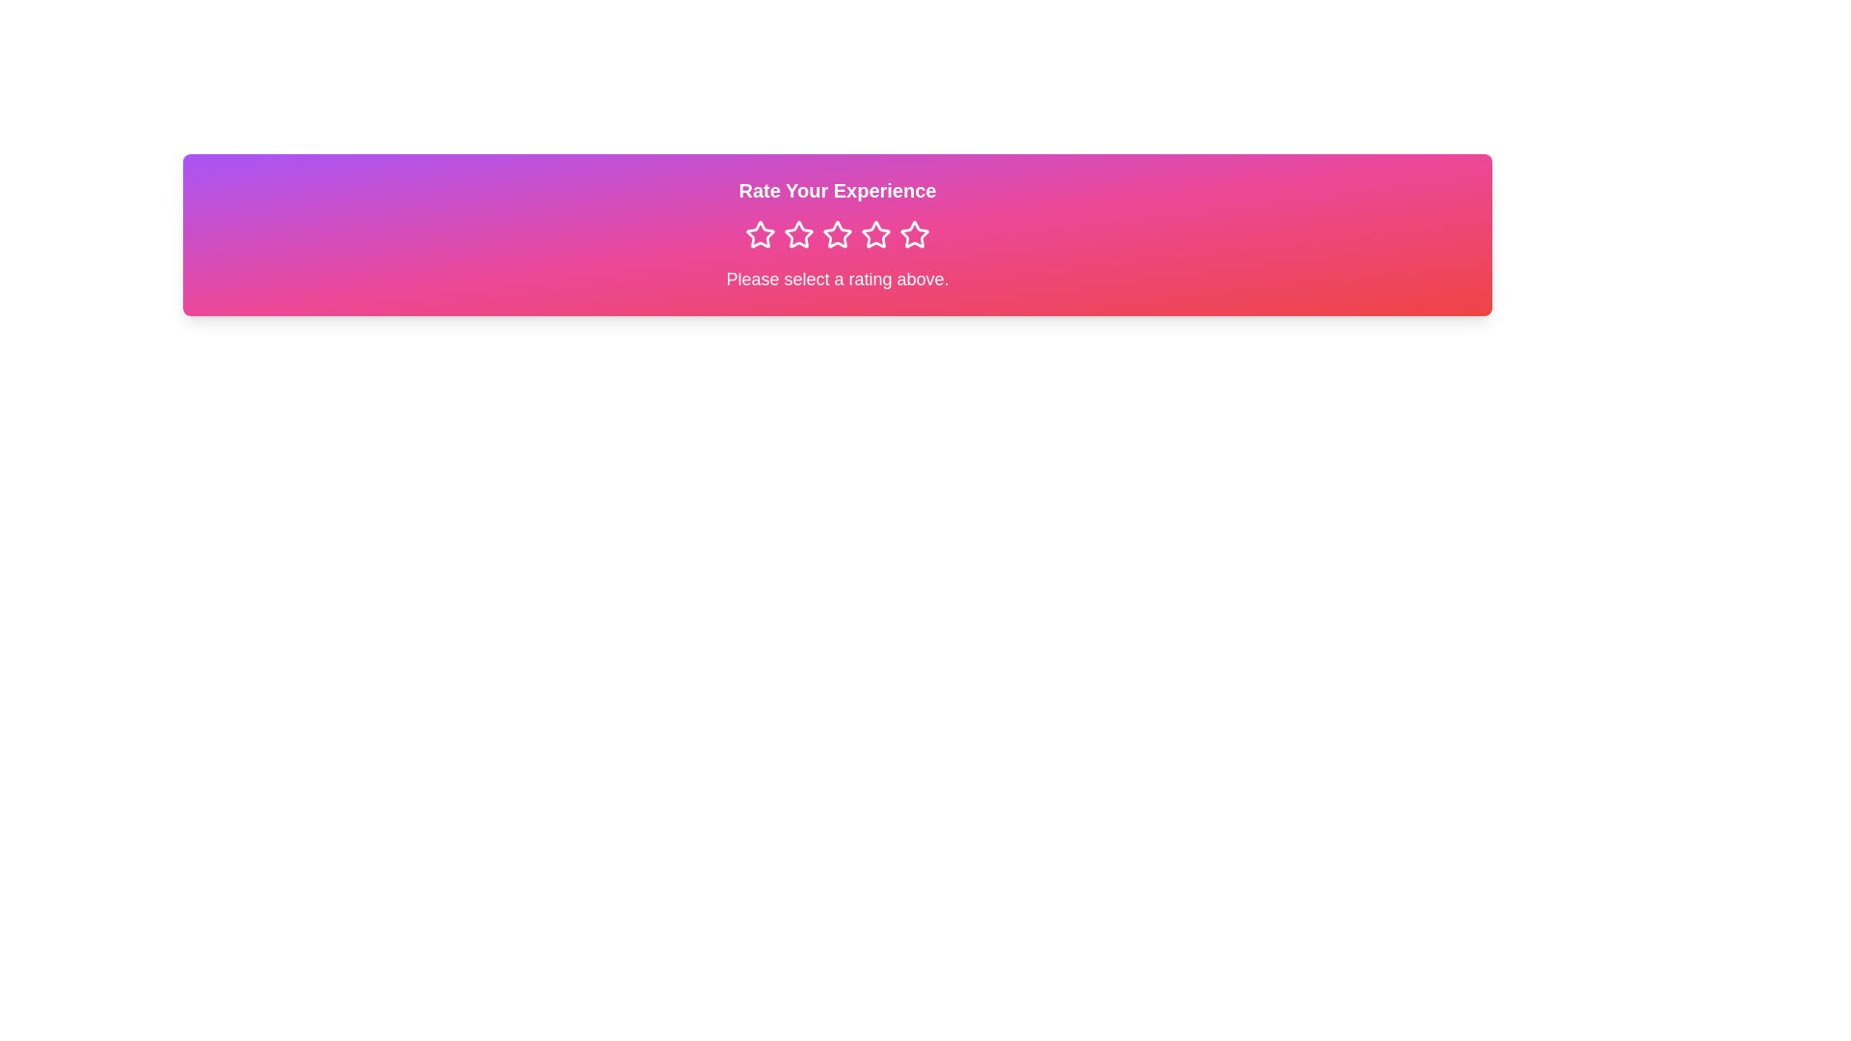 The width and height of the screenshot is (1851, 1041). Describe the element at coordinates (799, 233) in the screenshot. I see `the highlighted star icon, which is the third star in a horizontal row of five stars` at that location.